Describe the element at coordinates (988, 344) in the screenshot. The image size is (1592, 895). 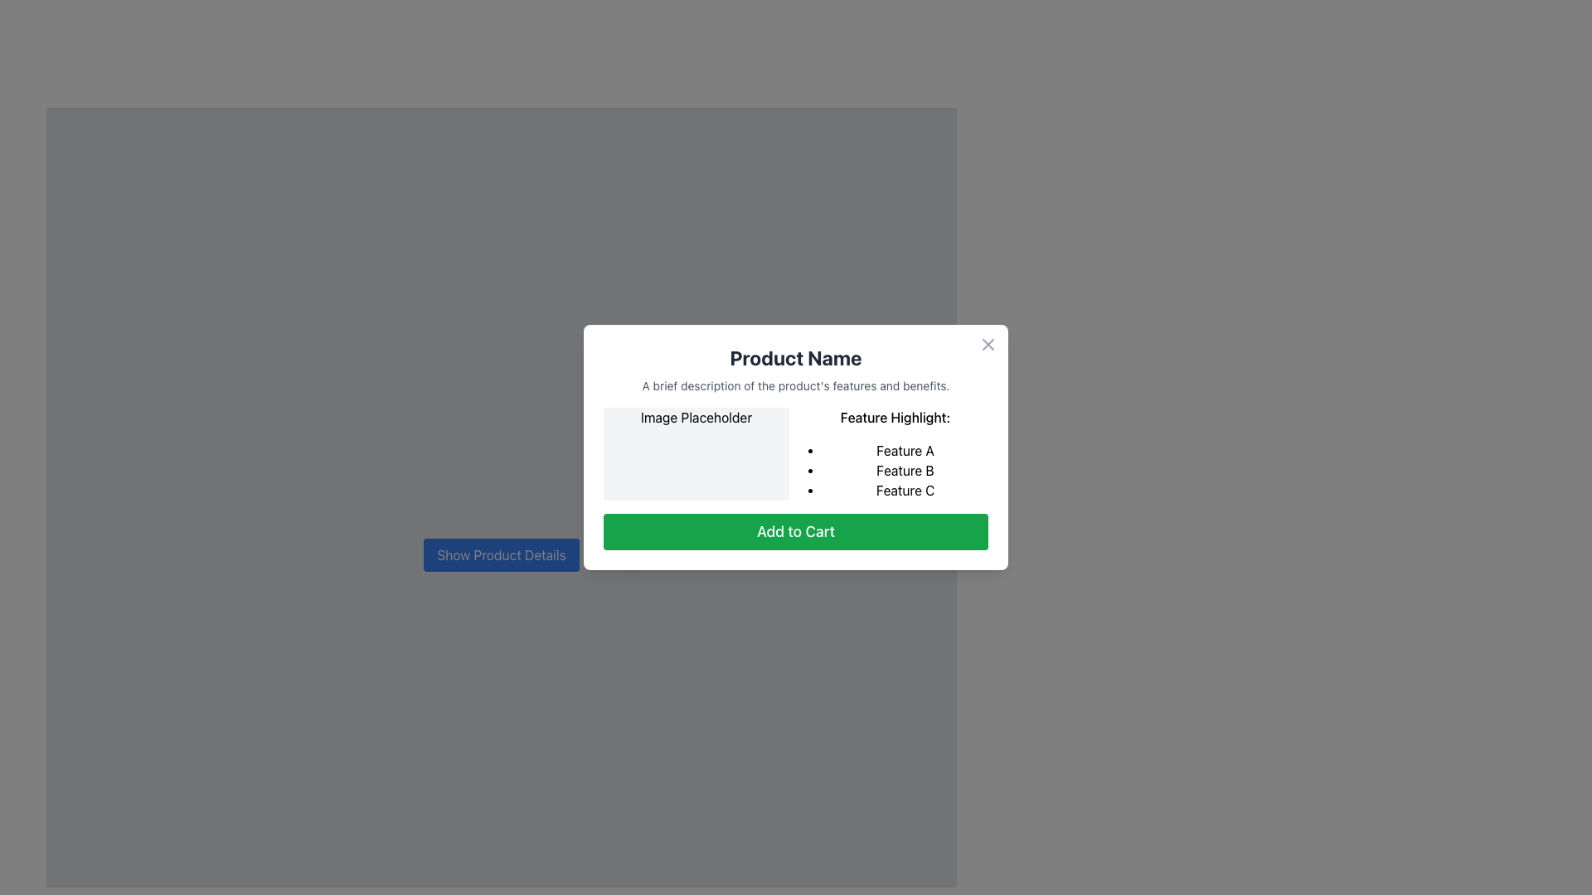
I see `the close button located at the top-right corner of the modal, which has a light gray background and a thin 'X' mark` at that location.